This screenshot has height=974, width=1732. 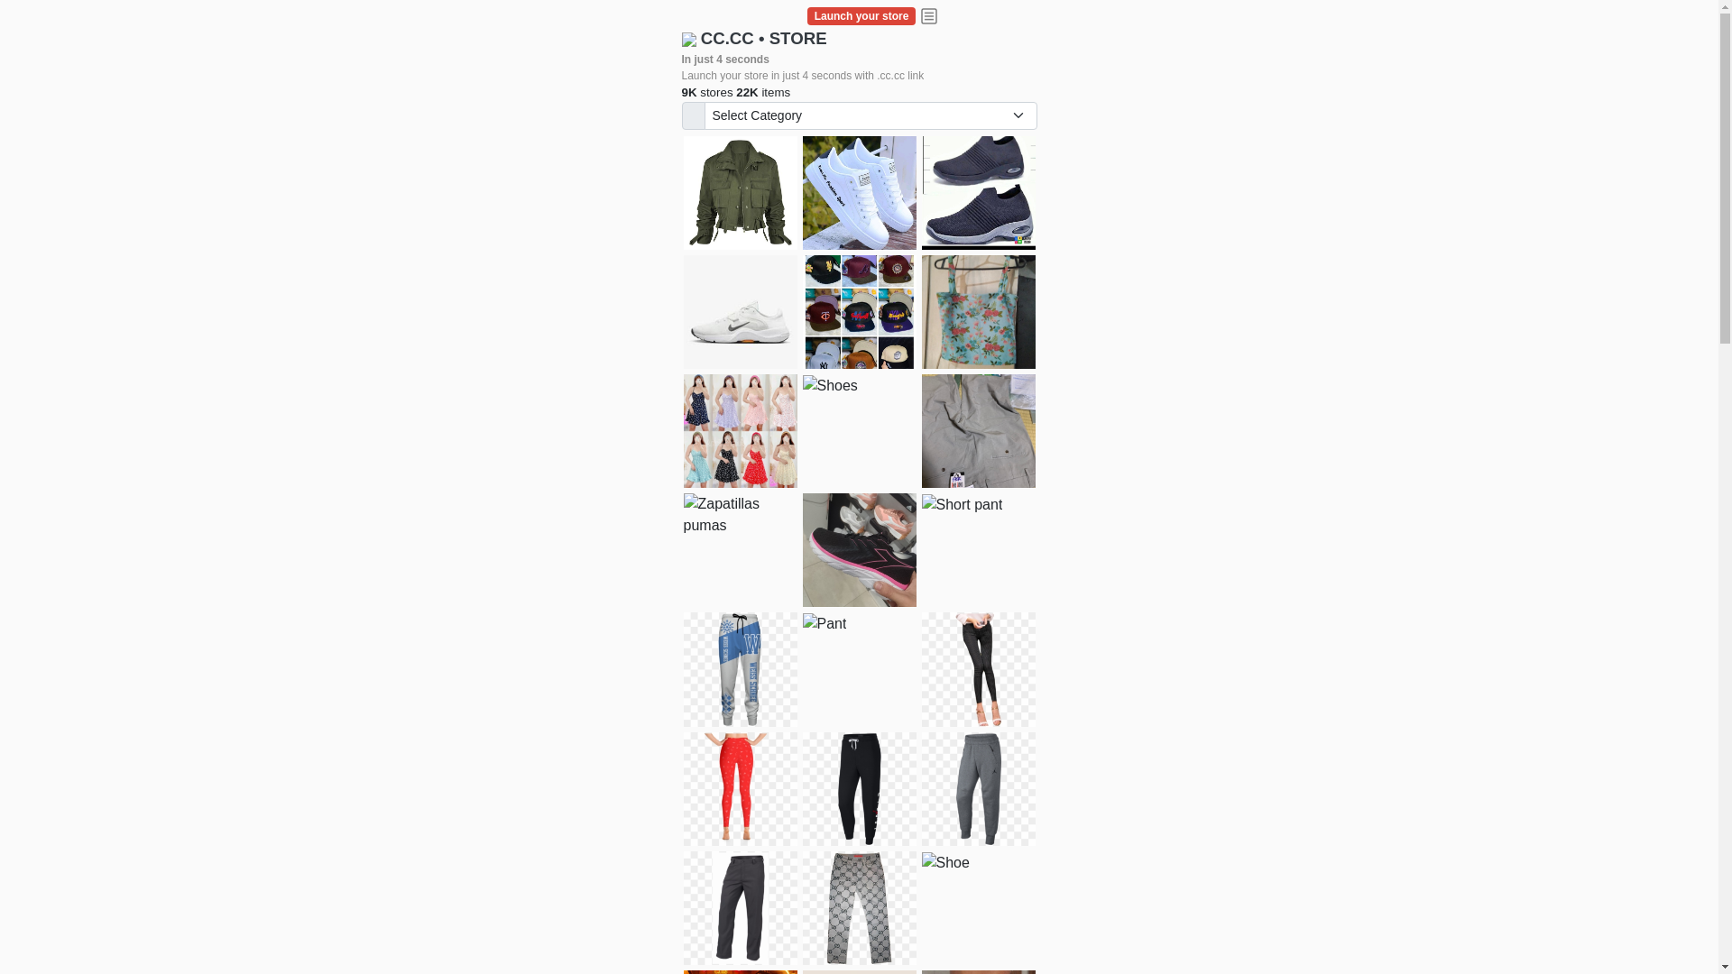 I want to click on 'Shoes', so click(x=829, y=385).